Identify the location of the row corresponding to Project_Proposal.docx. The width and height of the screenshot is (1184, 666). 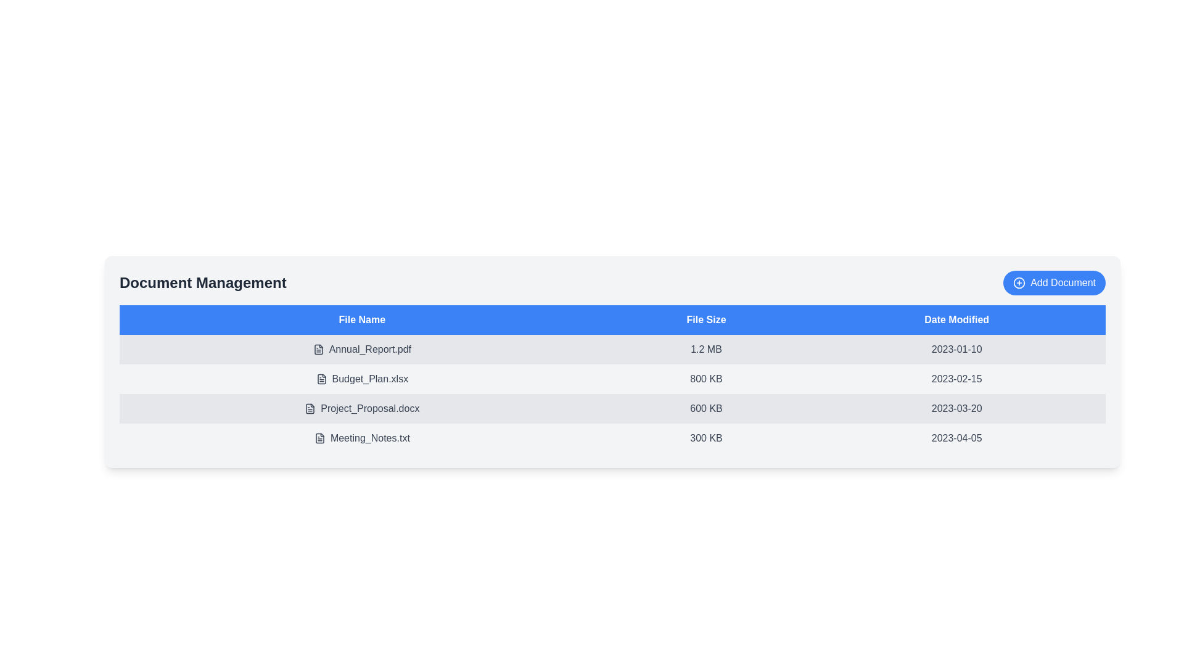
(361, 409).